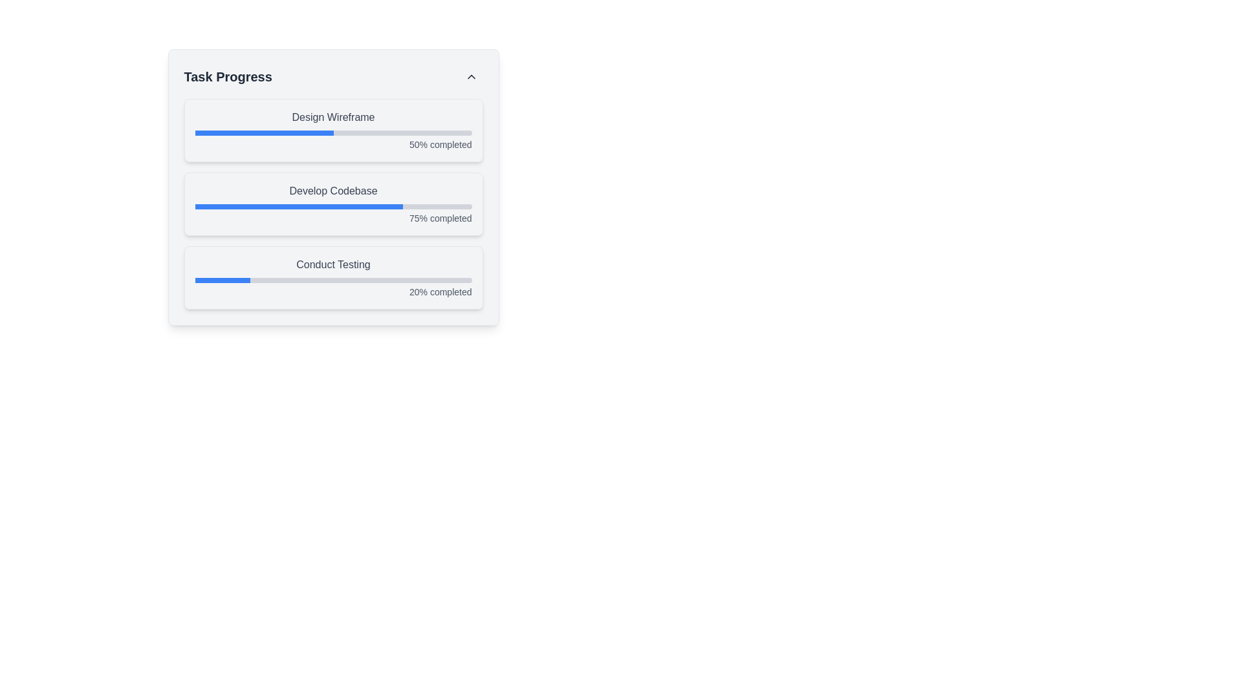 This screenshot has width=1242, height=698. Describe the element at coordinates (333, 204) in the screenshot. I see `the middle progress bar in the vertically stacked list under 'Task Progress', which represents 75% completion and is located between 'Design Wireframe' and 'Conduct Testing'` at that location.